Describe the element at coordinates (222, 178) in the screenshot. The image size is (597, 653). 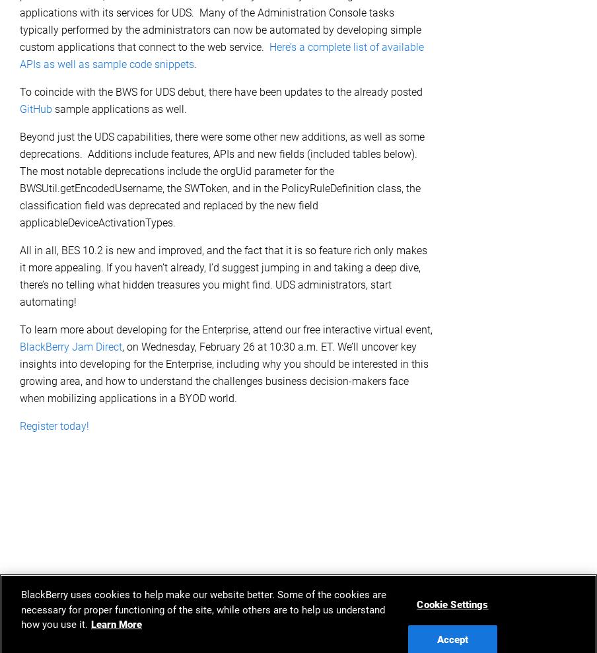
I see `'Beyond just the UDS capabilities, there were some other new additions, as well as some deprecations.  Additions include features, APIs and new fields (included tables below). The most notable deprecations include the orgUid parameter for the BWSUtil.getEncodedUsername, the SWToken, and in the PolicyRuleDefinition class, the classification field was deprecated and replaced by the new field applicableDeviceActivationTypes.'` at that location.